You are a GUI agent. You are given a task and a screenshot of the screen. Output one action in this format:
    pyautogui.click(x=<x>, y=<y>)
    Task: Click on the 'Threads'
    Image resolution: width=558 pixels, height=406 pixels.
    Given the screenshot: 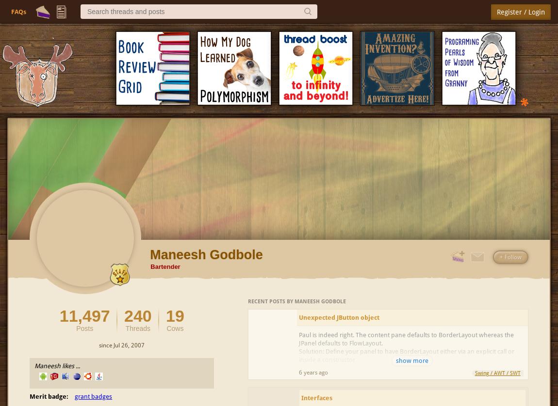 What is the action you would take?
    pyautogui.click(x=137, y=328)
    